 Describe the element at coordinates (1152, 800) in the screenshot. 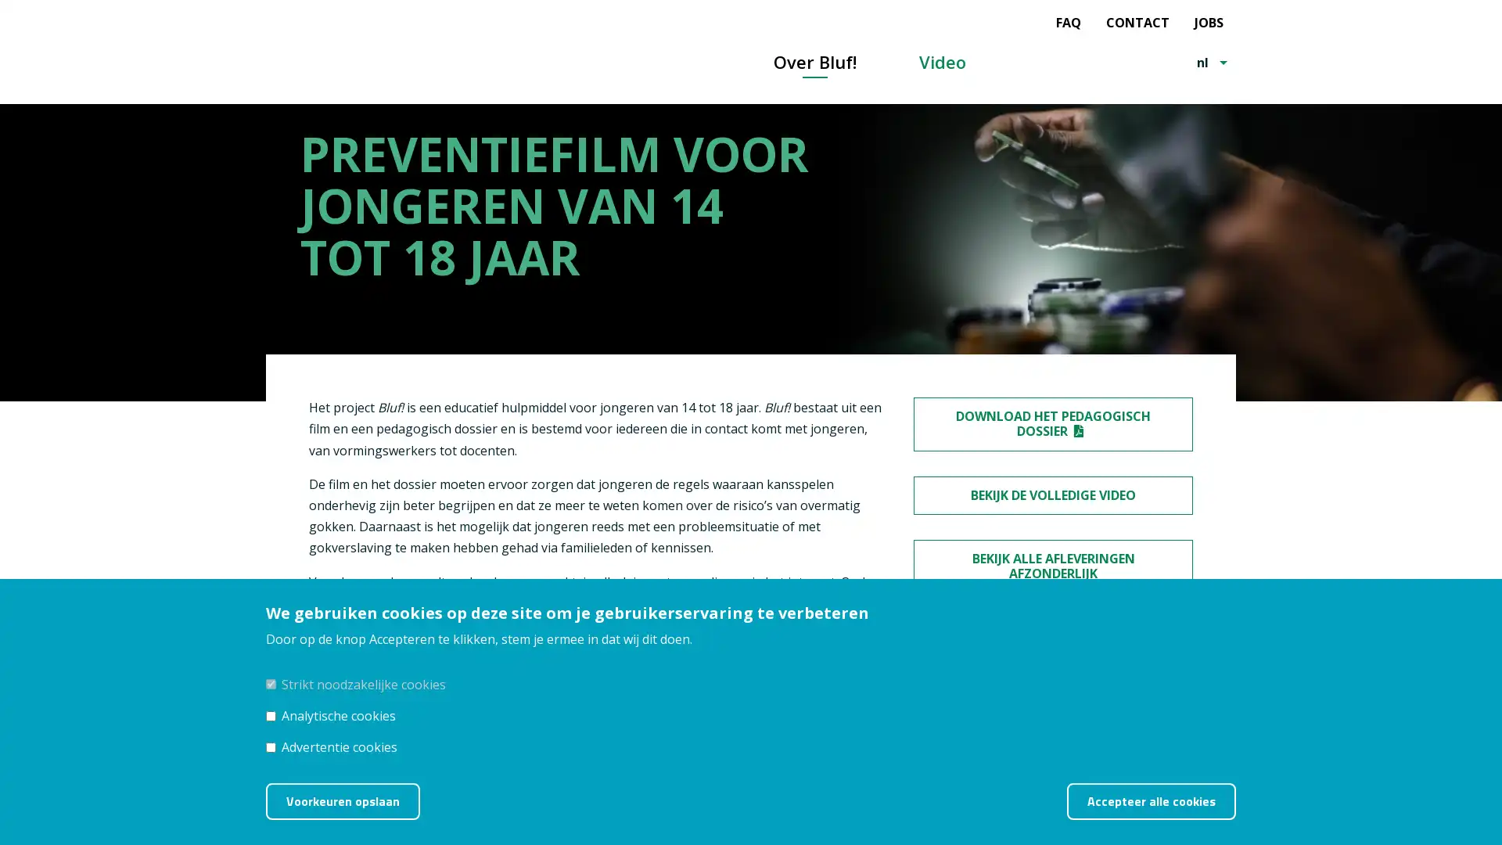

I see `Accepteer alle cookies` at that location.